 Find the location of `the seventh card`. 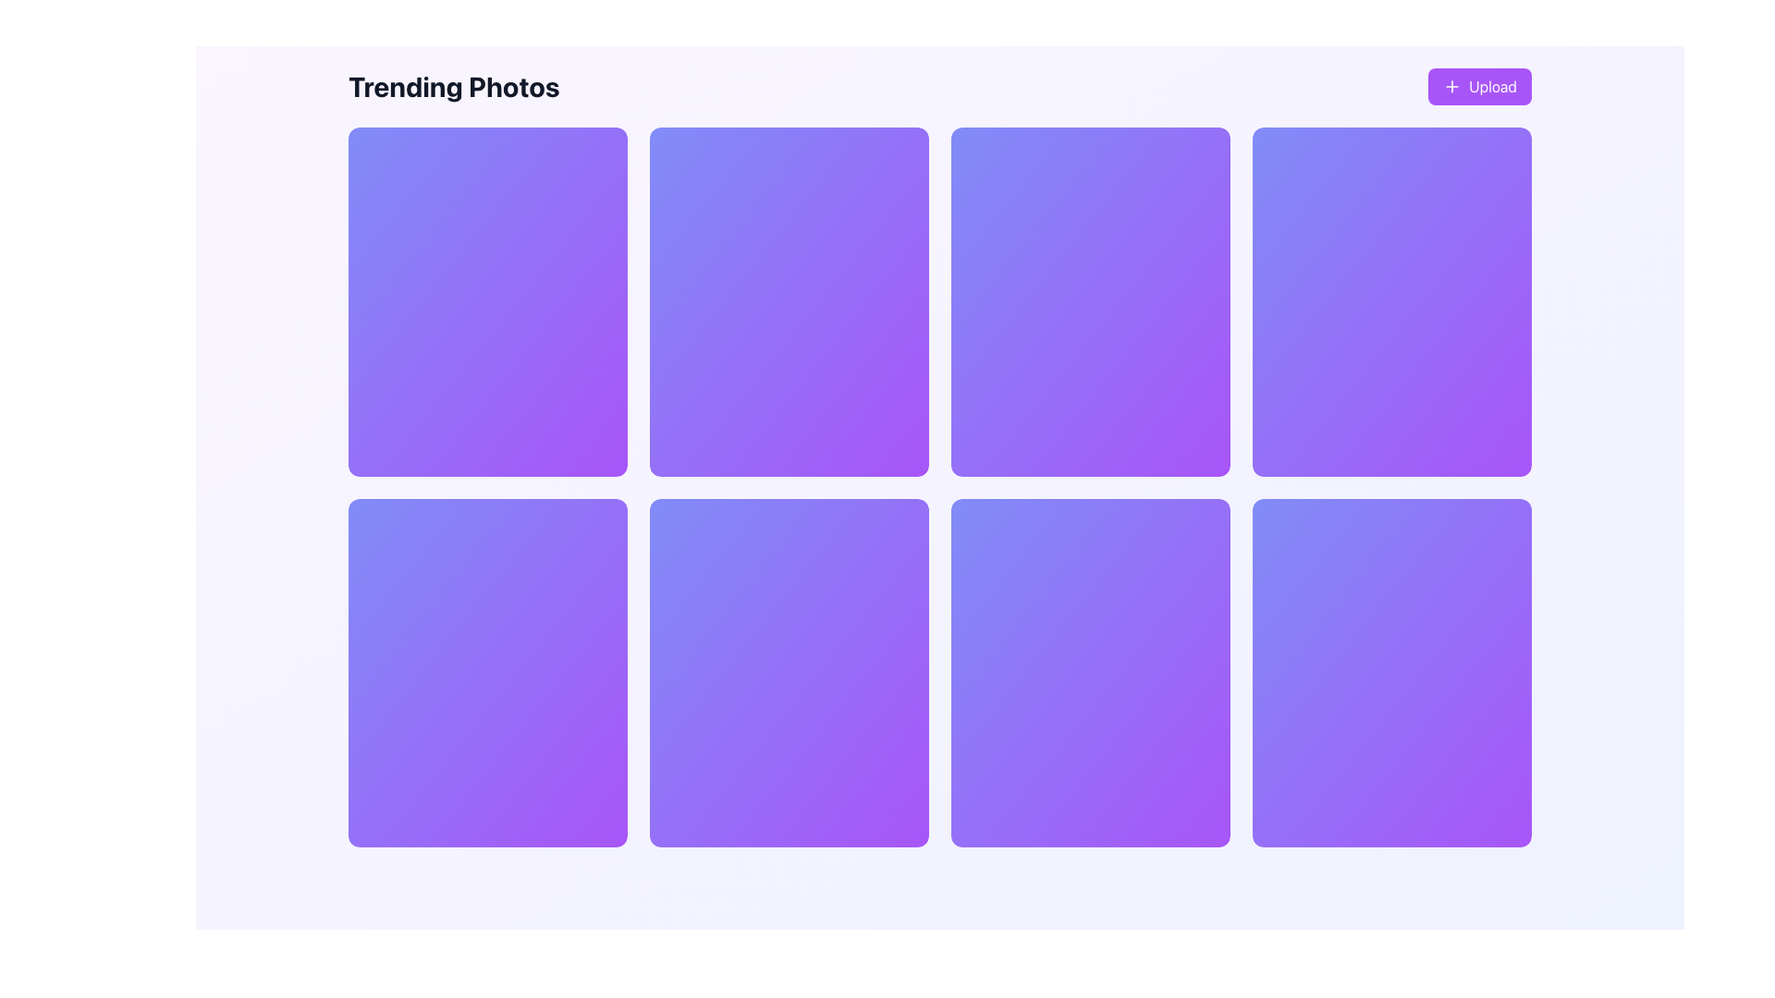

the seventh card is located at coordinates (1091, 673).